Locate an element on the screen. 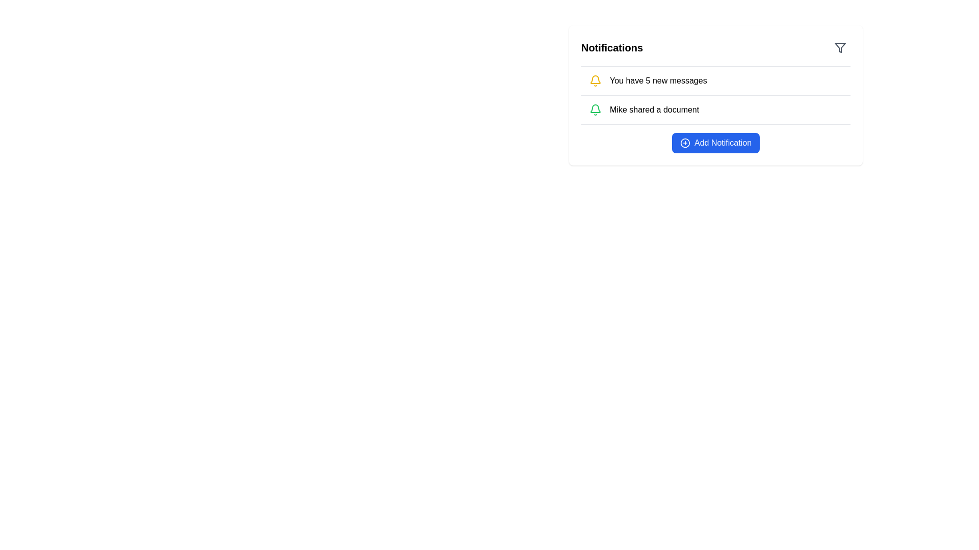  the bell-shaped notification icon with a green outline, located adjacent to the text 'You have 5 new messages.' is located at coordinates (595, 108).